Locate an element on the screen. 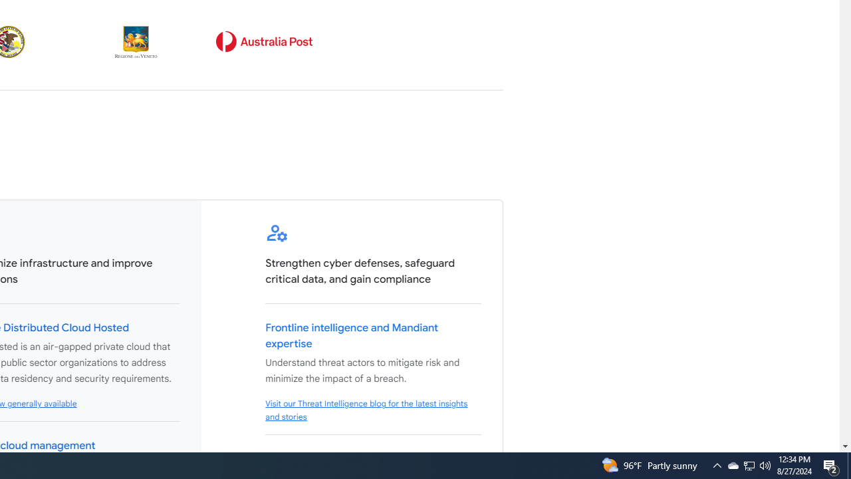  'Regione Veneto' is located at coordinates (136, 41).